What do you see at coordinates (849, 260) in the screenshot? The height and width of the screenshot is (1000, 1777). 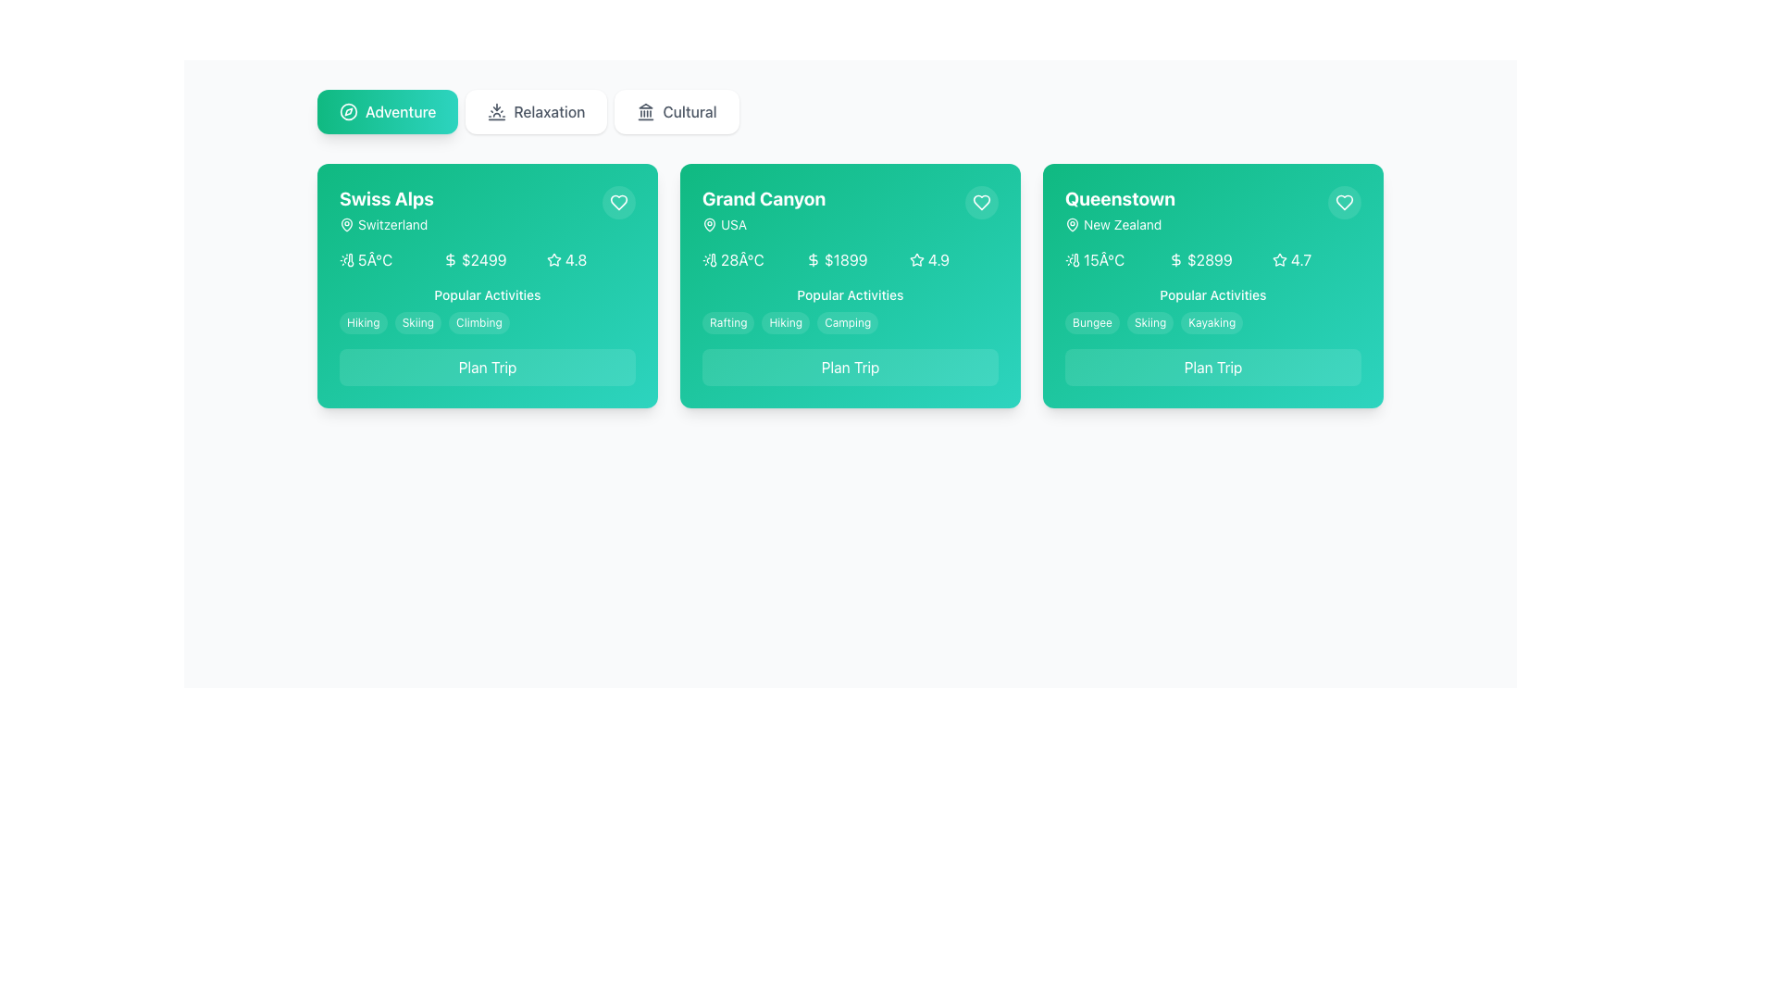 I see `the static text element displaying the cost for the 'Grand Canyon' offering, which is located between the temperature information and rating elements in the central column of the grid layout` at bounding box center [849, 260].